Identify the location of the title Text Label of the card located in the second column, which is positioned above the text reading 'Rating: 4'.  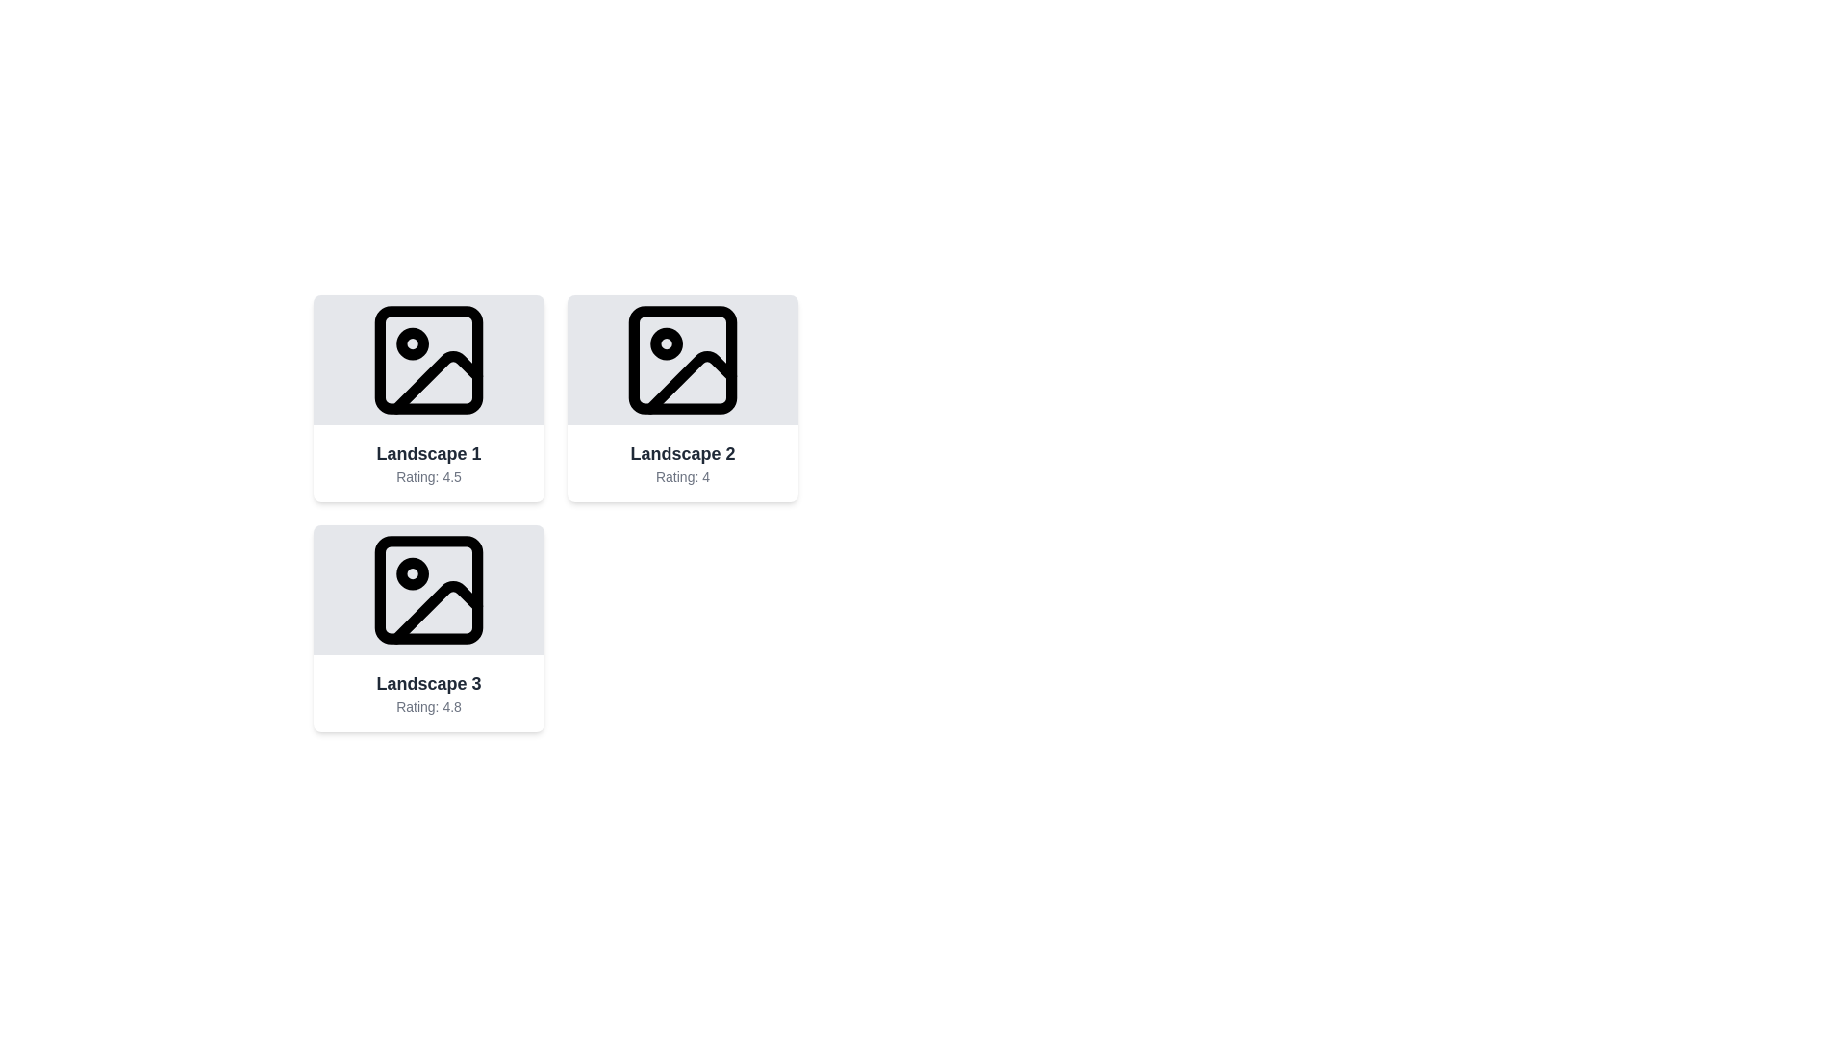
(683, 453).